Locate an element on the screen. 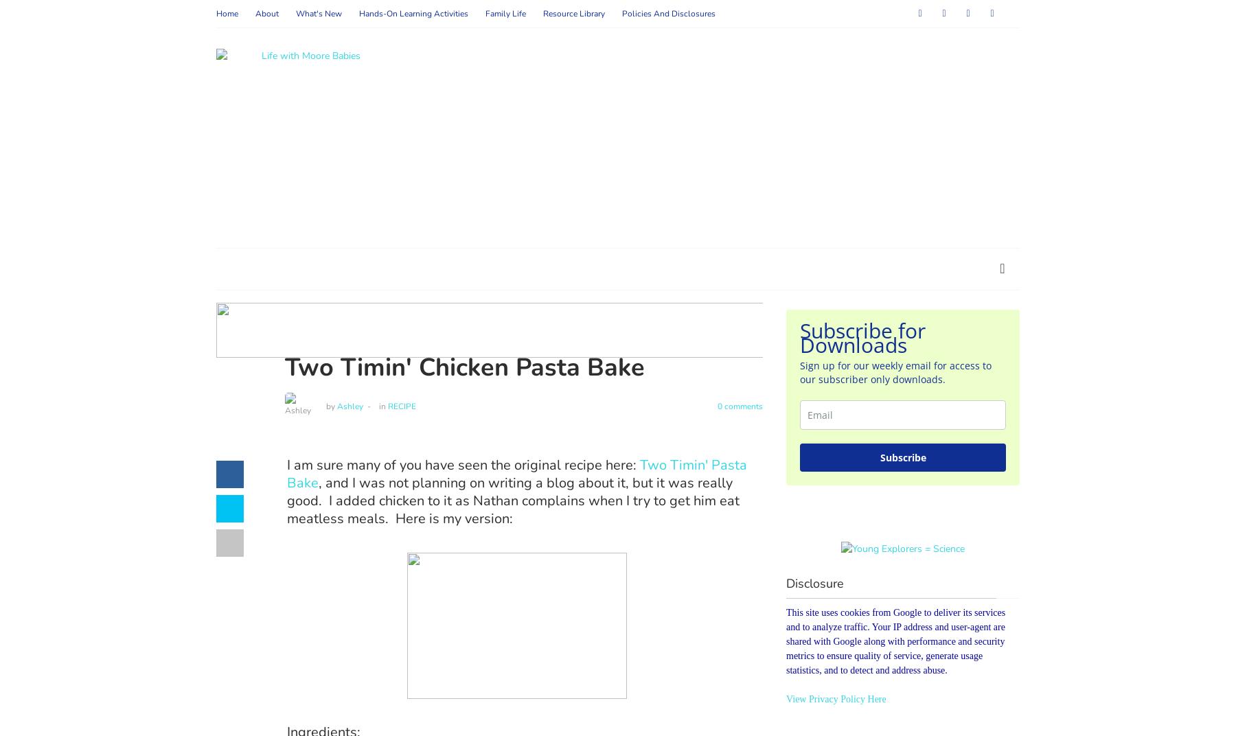 This screenshot has height=736, width=1236. 'Ashley' is located at coordinates (349, 404).